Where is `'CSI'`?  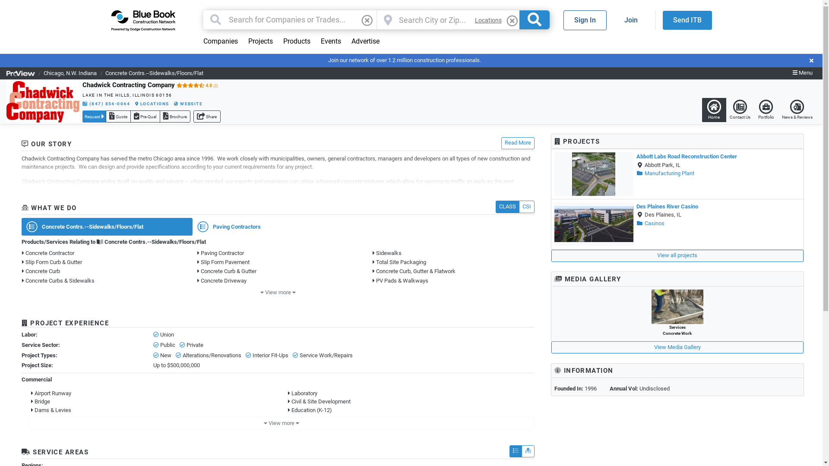
'CSI' is located at coordinates (526, 206).